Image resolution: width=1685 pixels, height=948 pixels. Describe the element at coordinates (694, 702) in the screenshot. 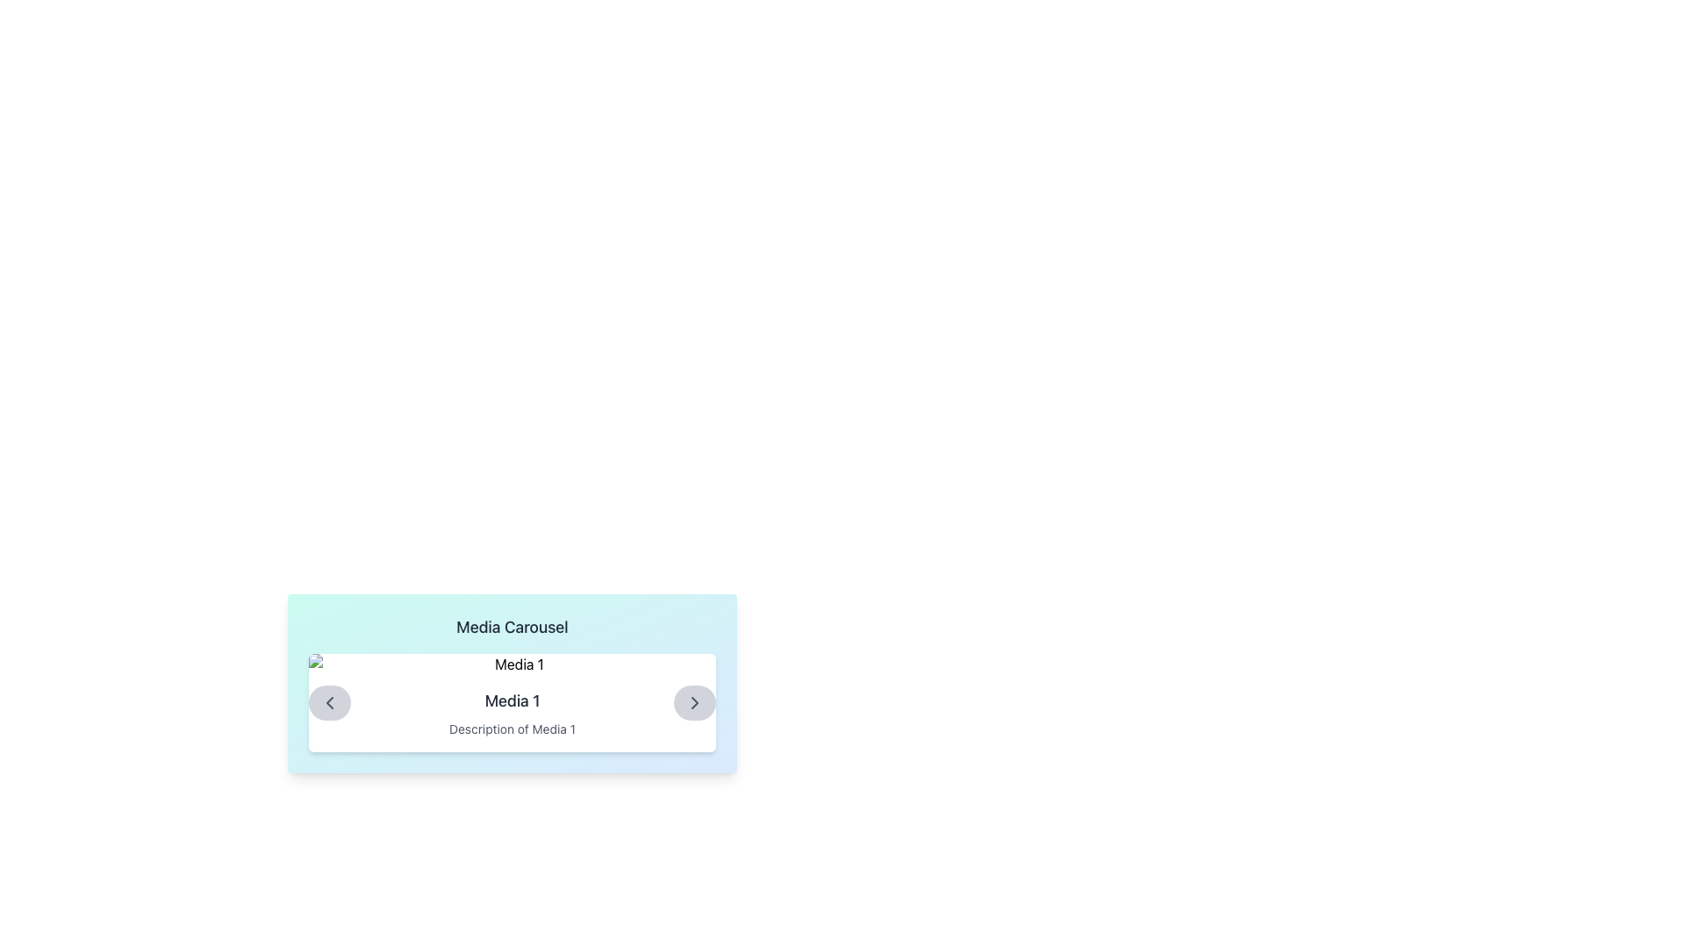

I see `the right navigation button of the carousel to advance to the next media item` at that location.